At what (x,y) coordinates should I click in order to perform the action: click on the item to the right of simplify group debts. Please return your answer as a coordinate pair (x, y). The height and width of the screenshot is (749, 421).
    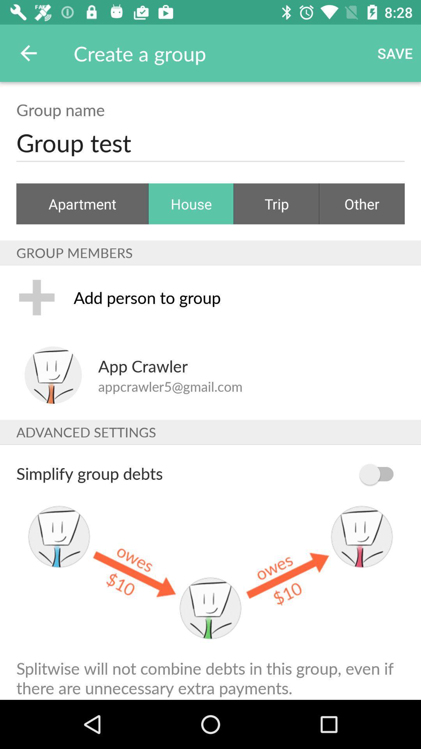
    Looking at the image, I should click on (380, 474).